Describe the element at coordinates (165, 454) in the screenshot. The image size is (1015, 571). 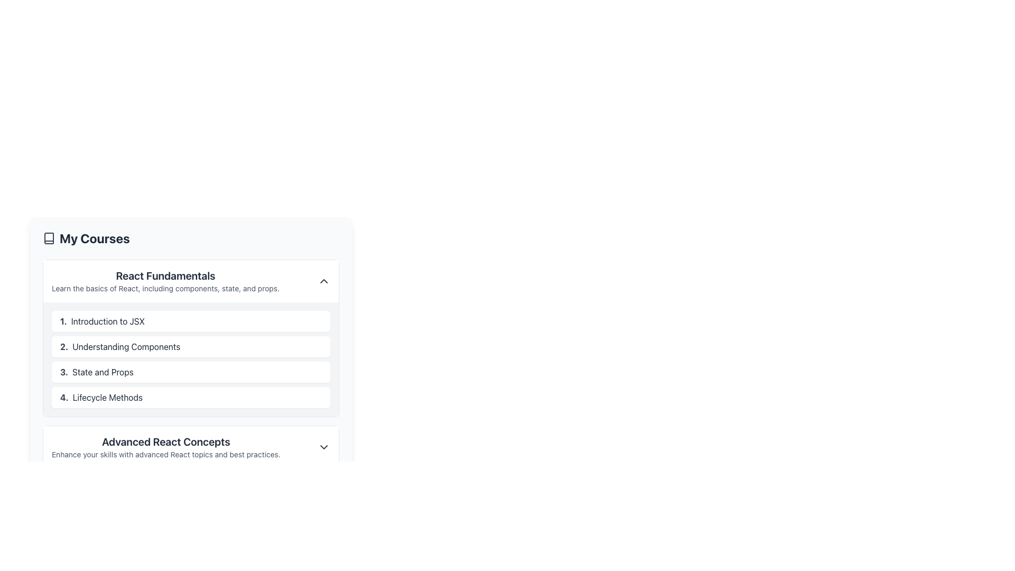
I see `text snippet styled in a smaller font size with a subtle gray color located below the heading 'Advanced React Concepts' in the course details section` at that location.